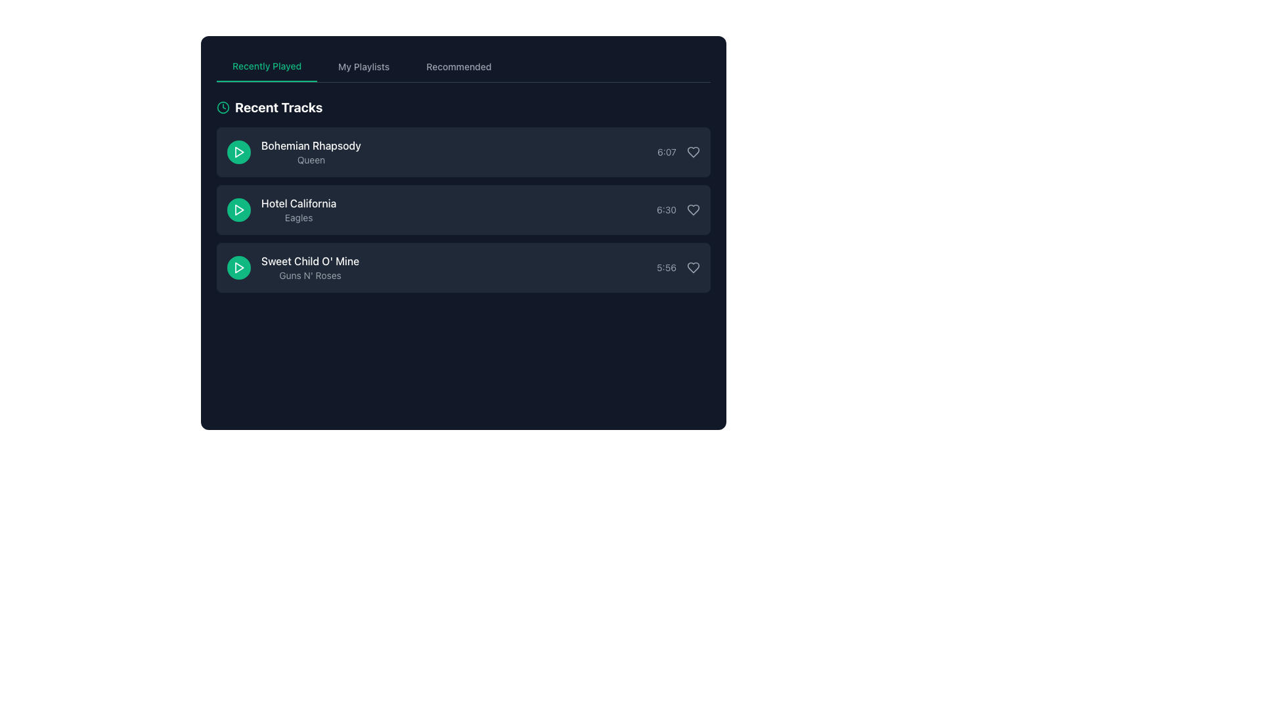 The image size is (1261, 709). Describe the element at coordinates (693, 209) in the screenshot. I see `the heart-shaped icon in the 'Recent Tracks' section` at that location.